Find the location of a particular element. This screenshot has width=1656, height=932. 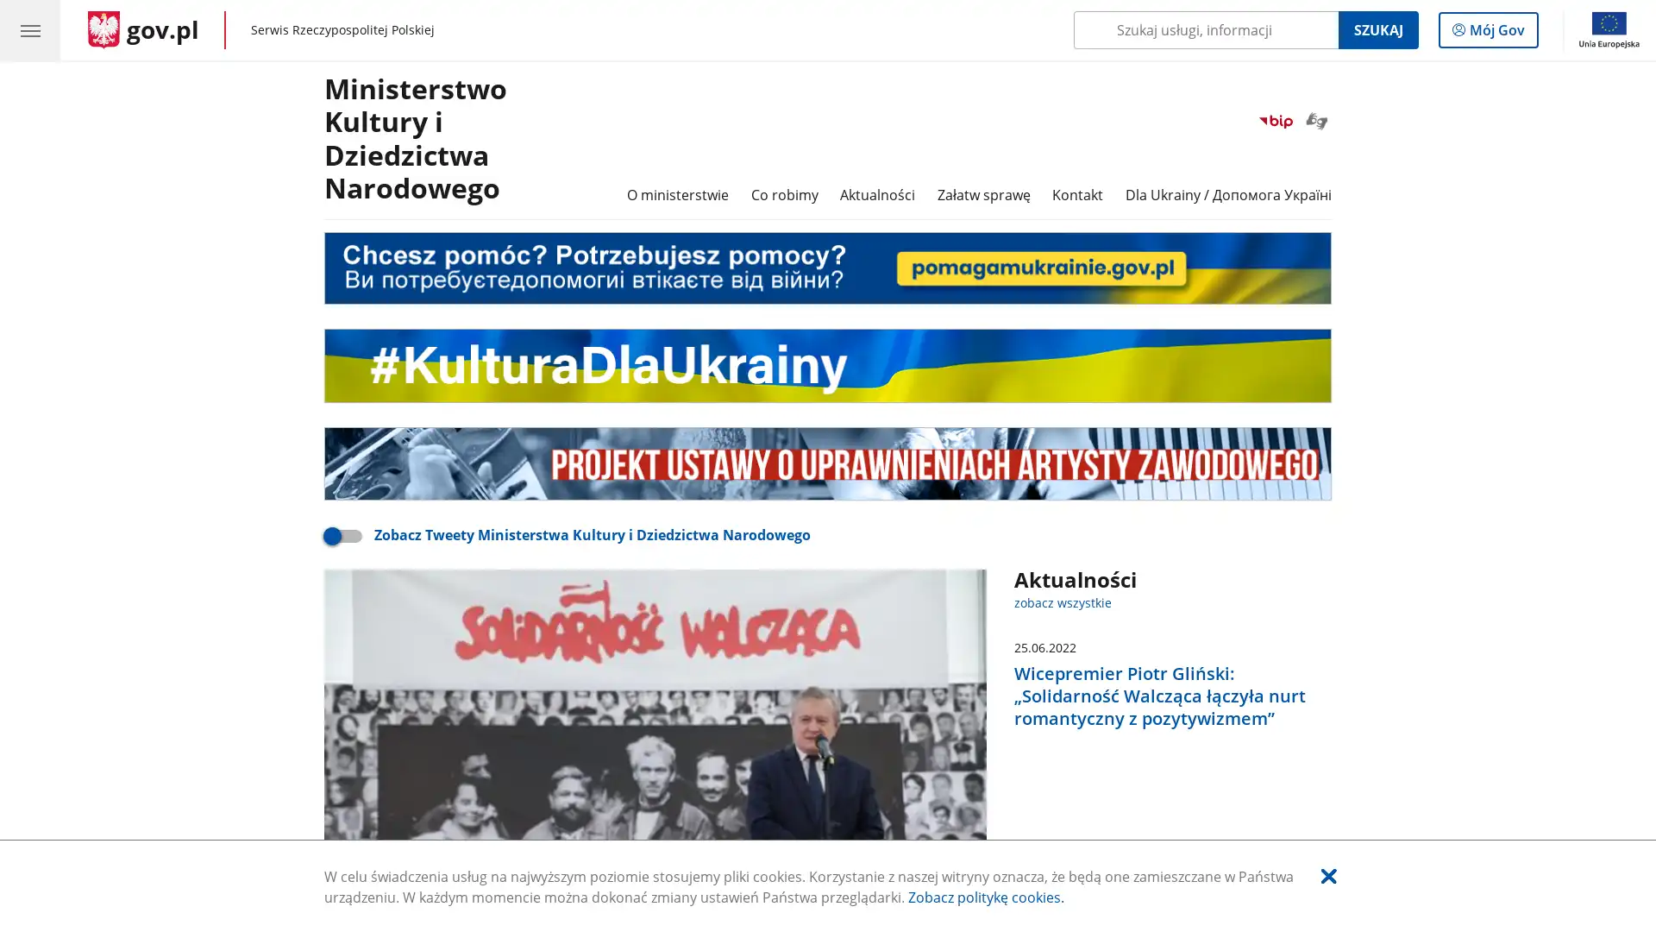

Akceptuje polityke dotyczaca wykorzystania plikow cookies. Zamknij pop-up. is located at coordinates (1327, 875).